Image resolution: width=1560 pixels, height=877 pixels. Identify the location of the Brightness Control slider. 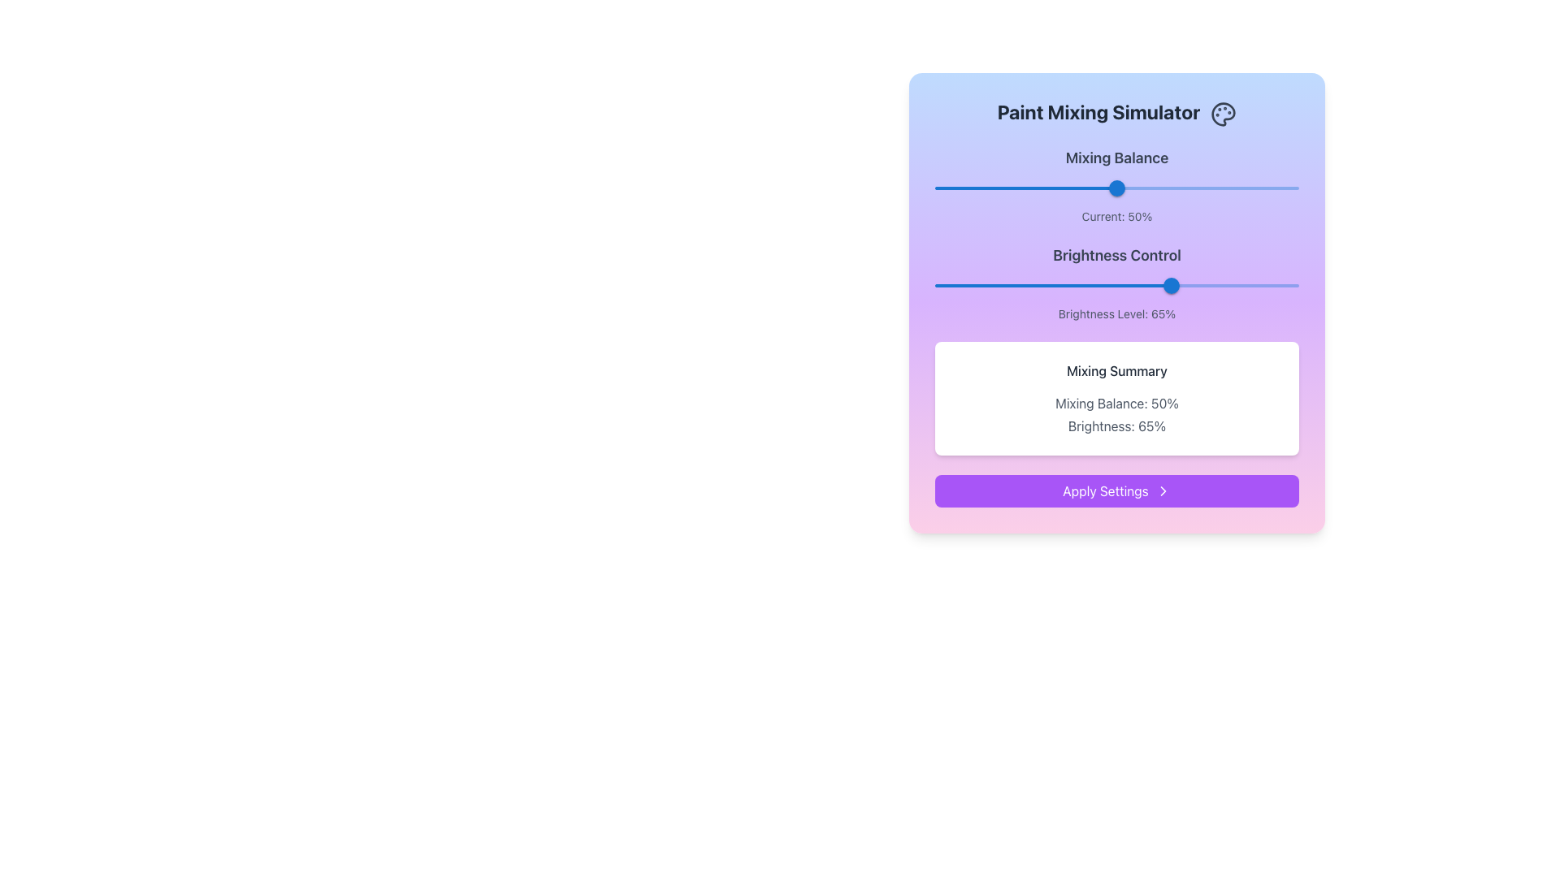
(1084, 284).